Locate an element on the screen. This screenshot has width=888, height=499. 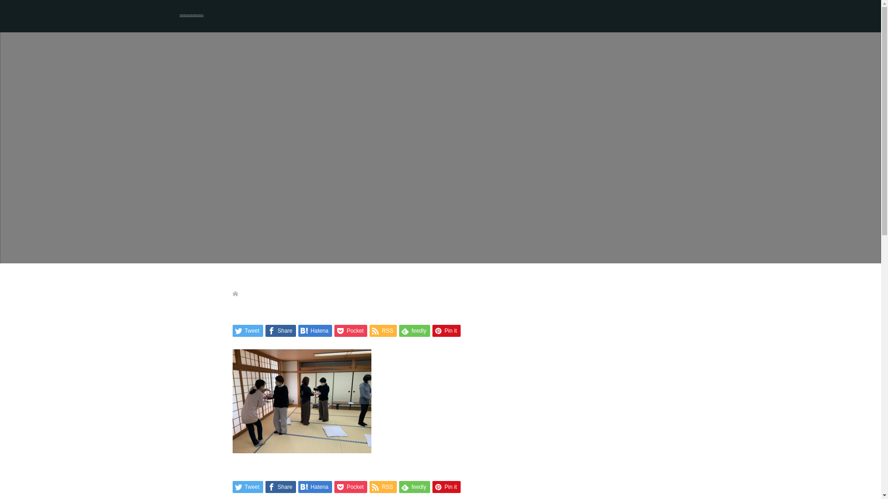
'Pin it' is located at coordinates (432, 330).